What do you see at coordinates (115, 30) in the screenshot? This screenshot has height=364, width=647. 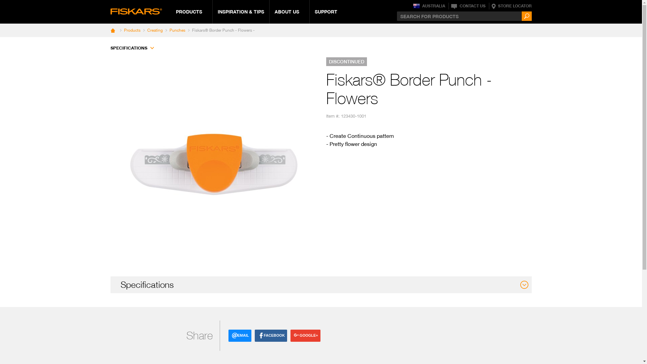 I see `' '` at bounding box center [115, 30].